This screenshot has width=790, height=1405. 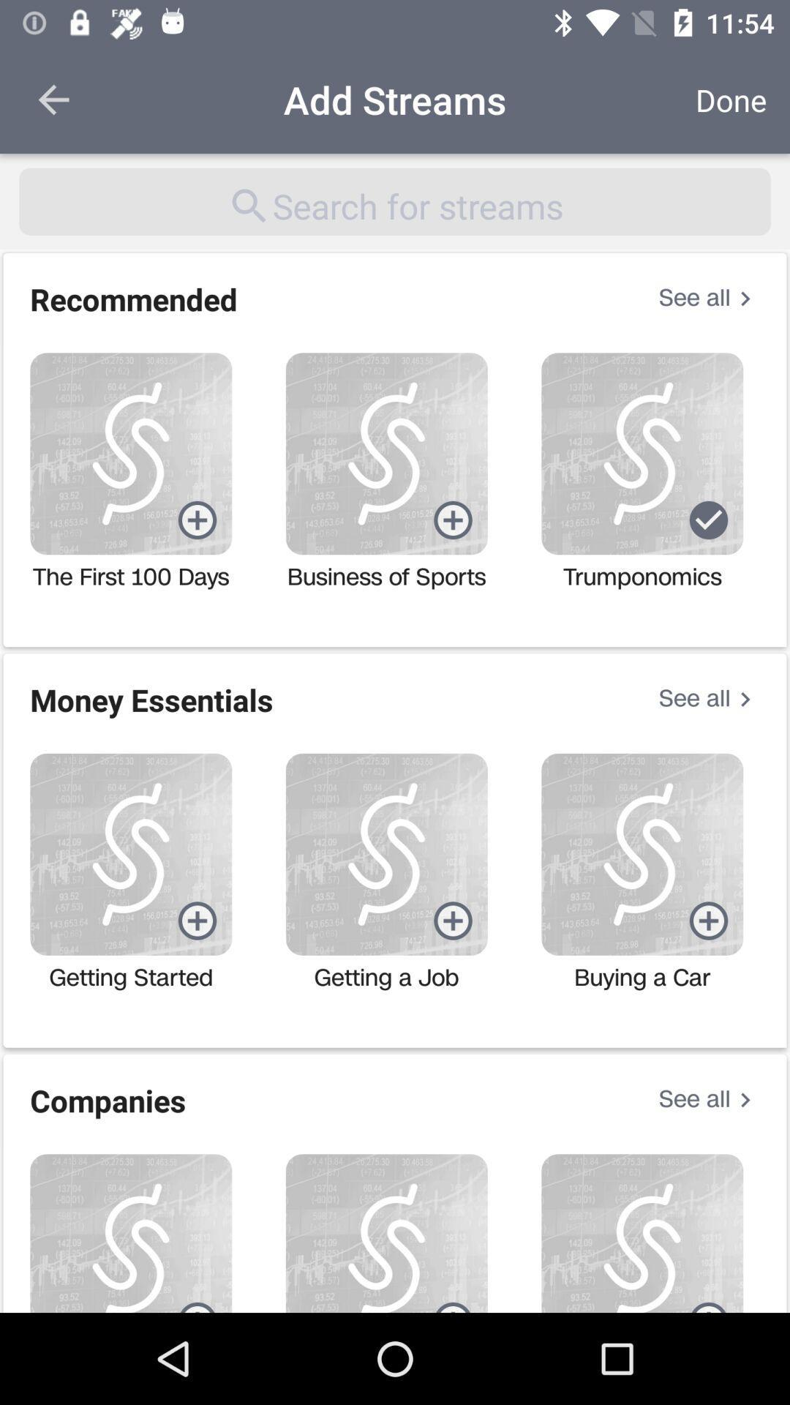 What do you see at coordinates (53, 99) in the screenshot?
I see `icon next to add streams item` at bounding box center [53, 99].